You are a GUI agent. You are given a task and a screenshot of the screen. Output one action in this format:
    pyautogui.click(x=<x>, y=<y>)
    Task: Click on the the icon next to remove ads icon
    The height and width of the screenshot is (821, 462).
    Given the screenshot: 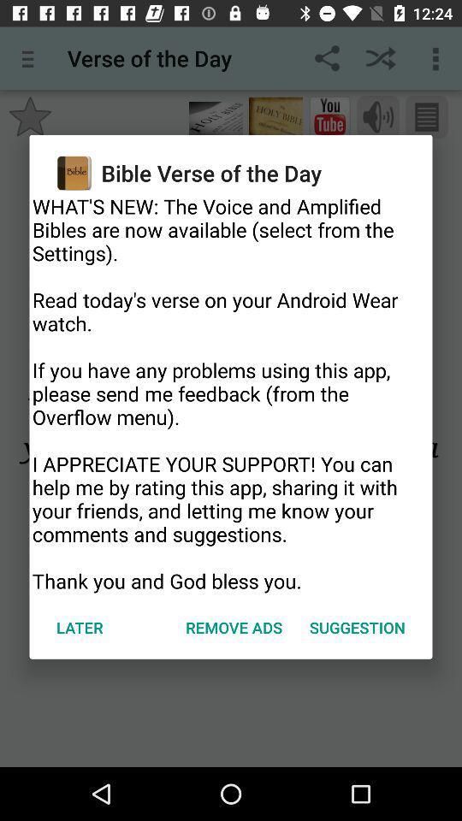 What is the action you would take?
    pyautogui.click(x=356, y=626)
    